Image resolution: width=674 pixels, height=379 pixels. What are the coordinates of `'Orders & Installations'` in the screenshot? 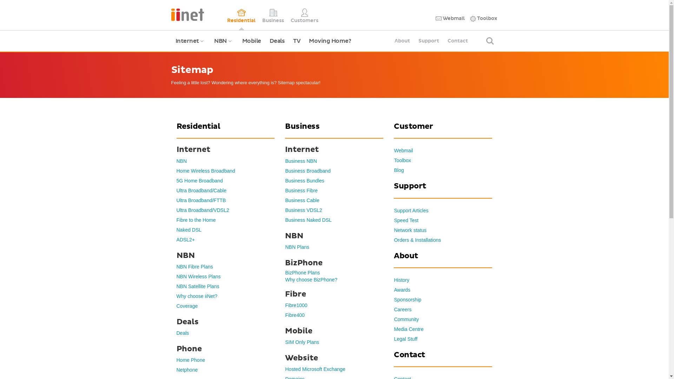 It's located at (417, 239).